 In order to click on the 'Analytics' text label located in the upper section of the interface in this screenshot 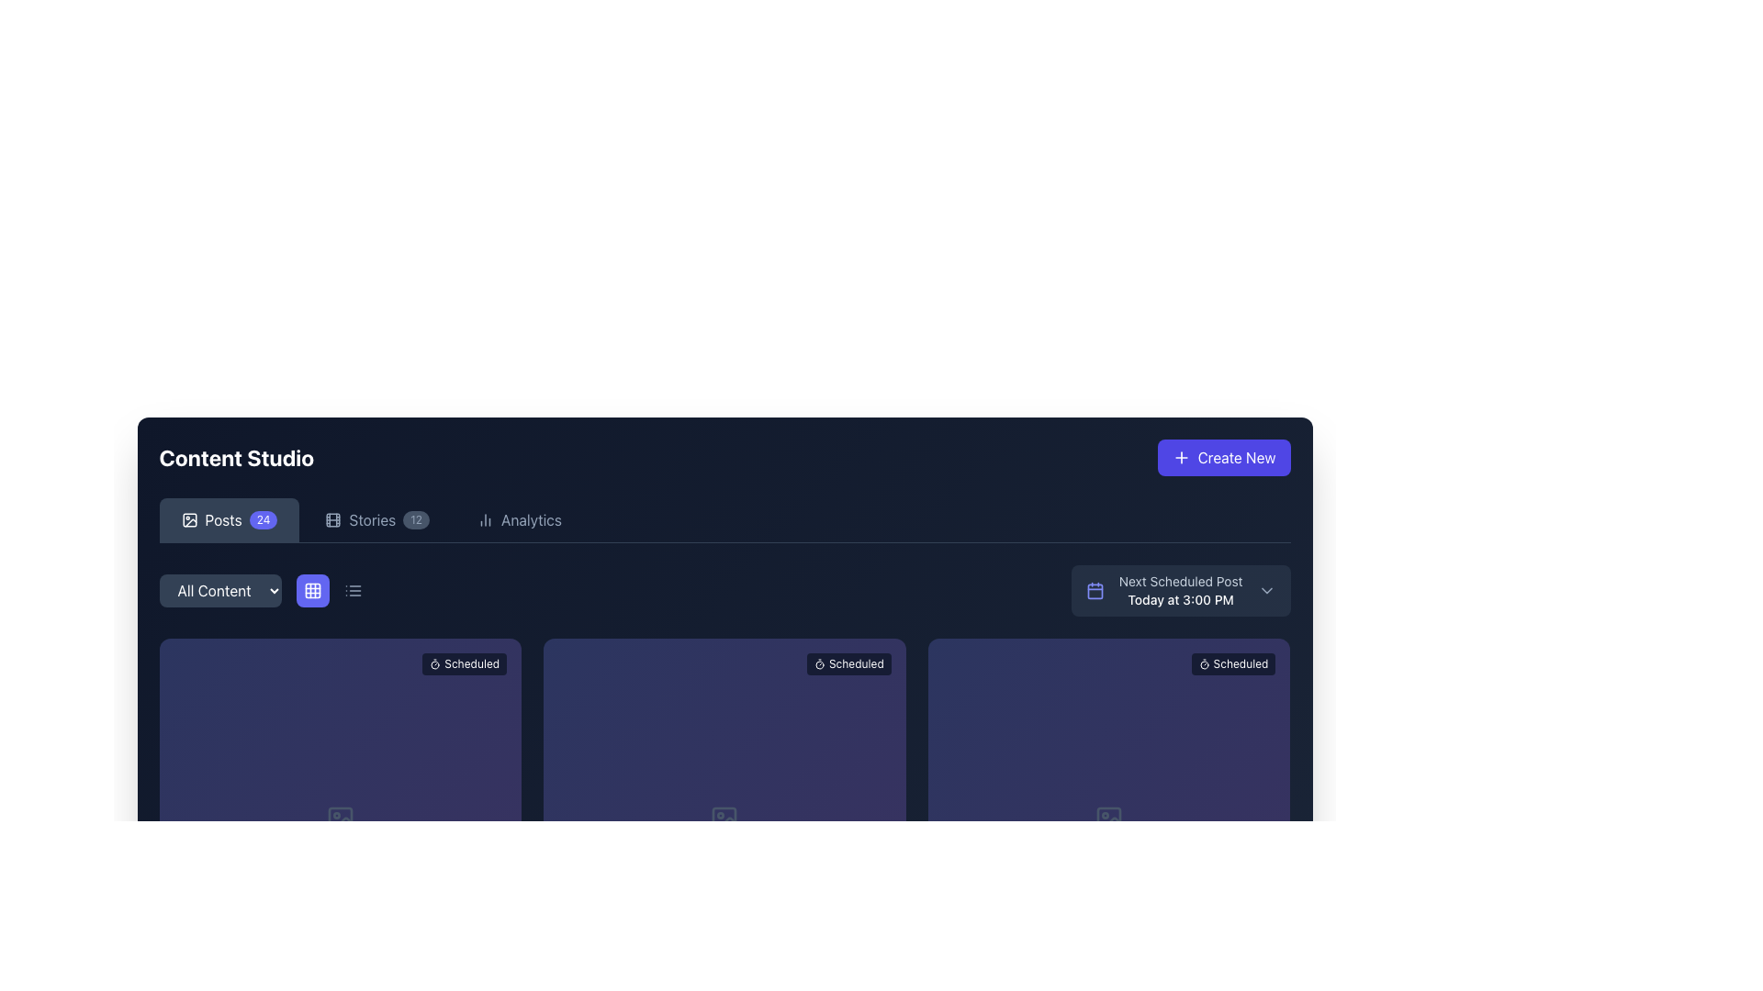, I will do `click(530, 520)`.